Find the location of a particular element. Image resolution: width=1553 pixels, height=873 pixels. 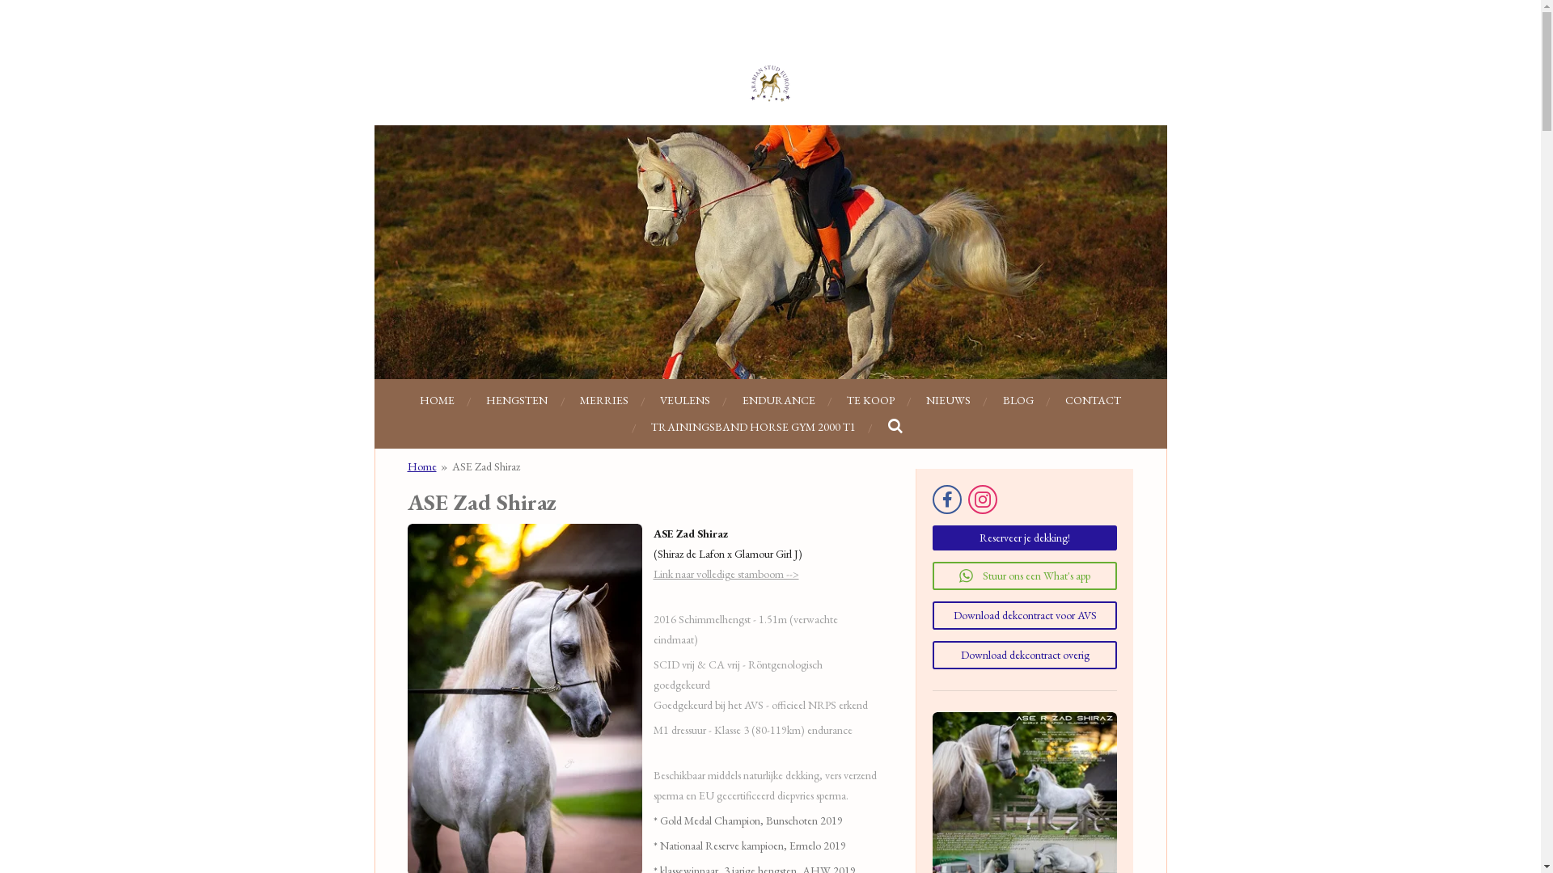

'VEULENS' is located at coordinates (684, 400).